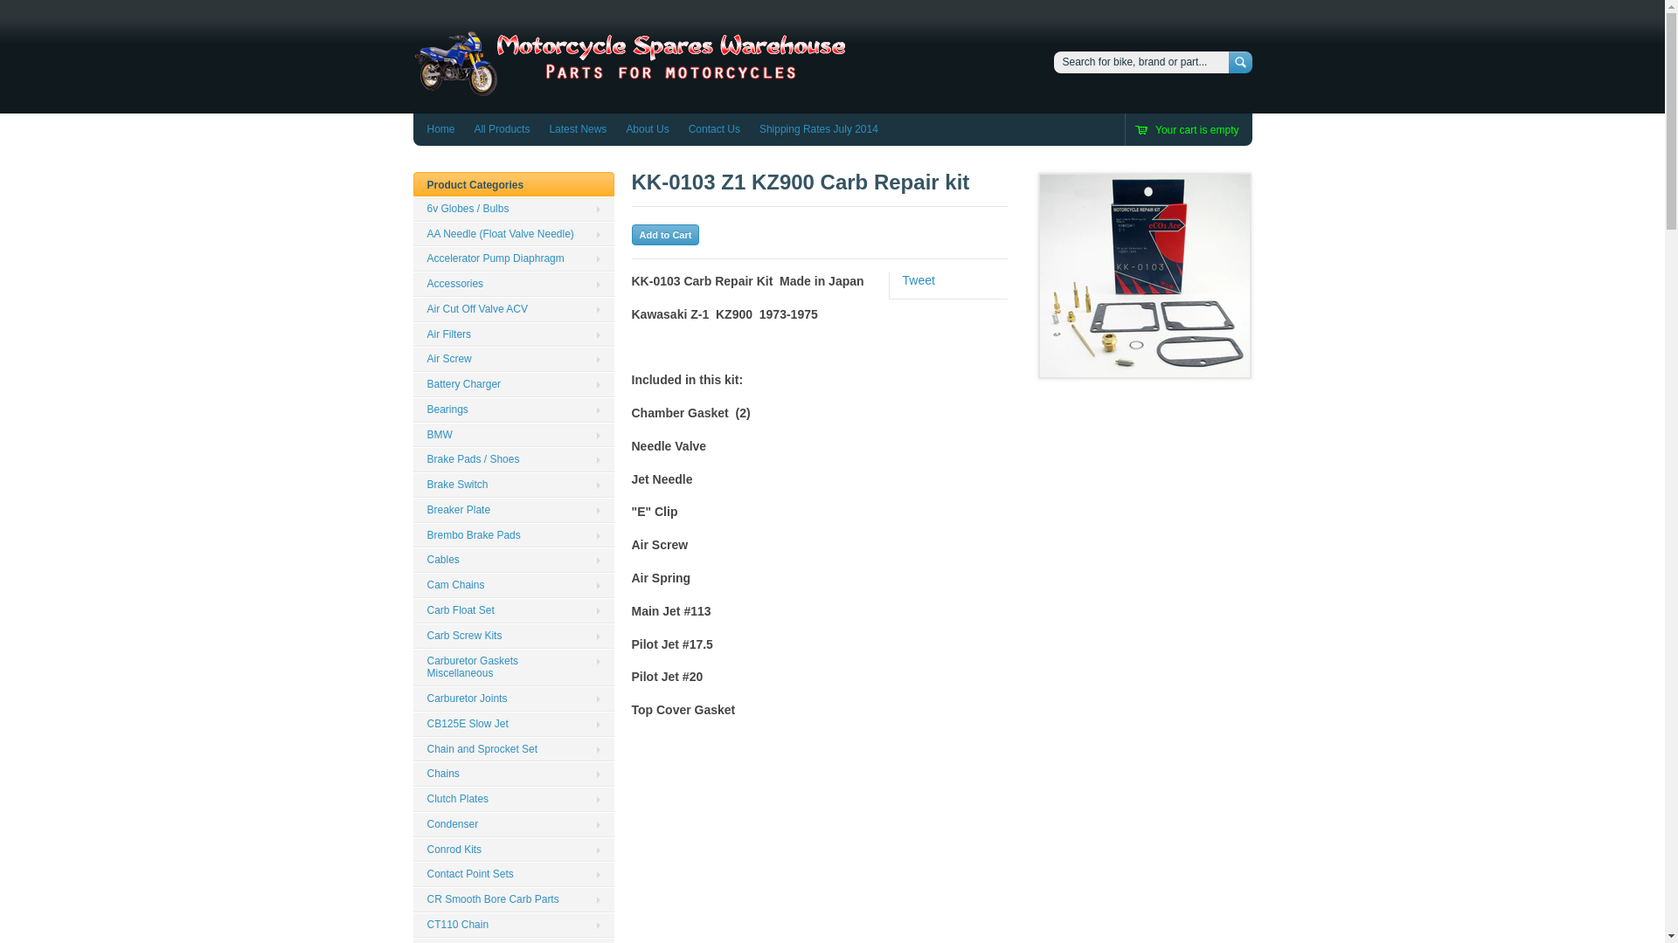 This screenshot has width=1678, height=943. Describe the element at coordinates (511, 899) in the screenshot. I see `'CR Smooth Bore Carb Parts'` at that location.